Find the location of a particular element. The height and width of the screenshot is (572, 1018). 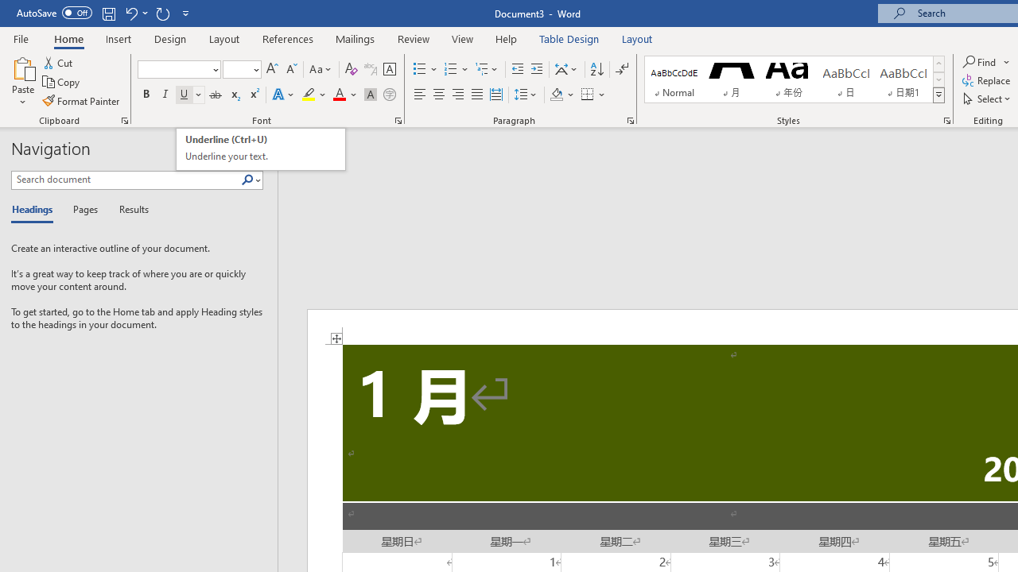

'Shrink Font' is located at coordinates (291, 68).